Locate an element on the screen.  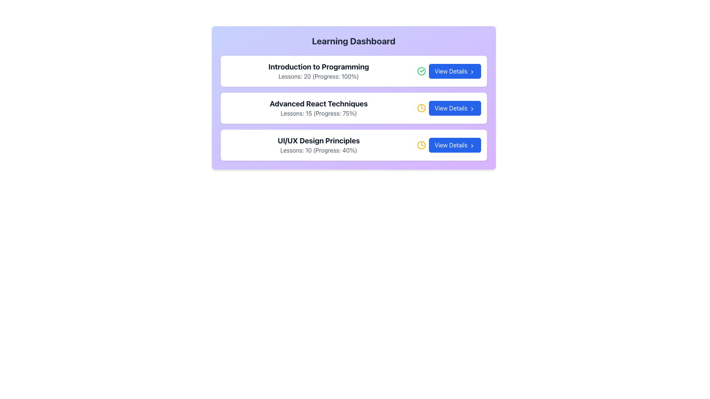
the button that navigates to the detailed view of the 'UI/UX Design Principles' section, located at the bottom row of the list is located at coordinates (449, 145).